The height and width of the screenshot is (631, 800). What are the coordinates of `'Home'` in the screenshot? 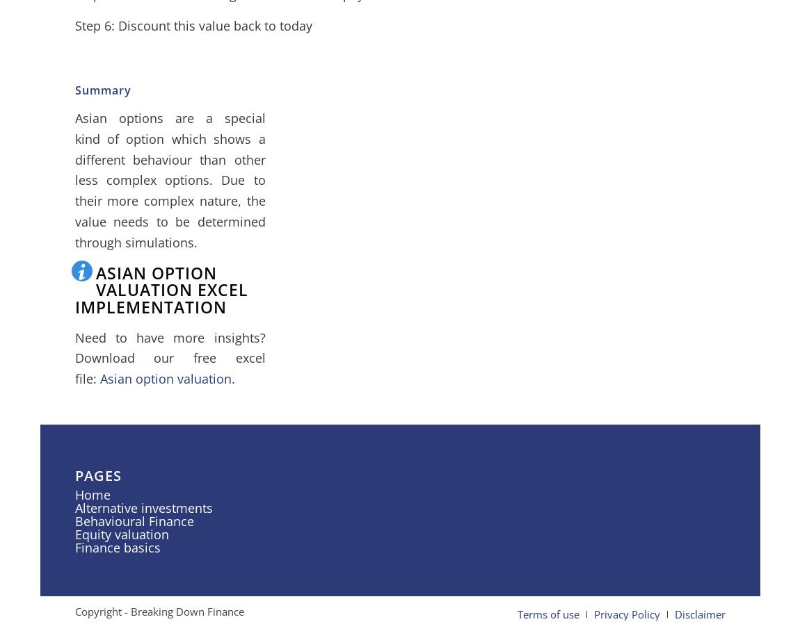 It's located at (73, 493).